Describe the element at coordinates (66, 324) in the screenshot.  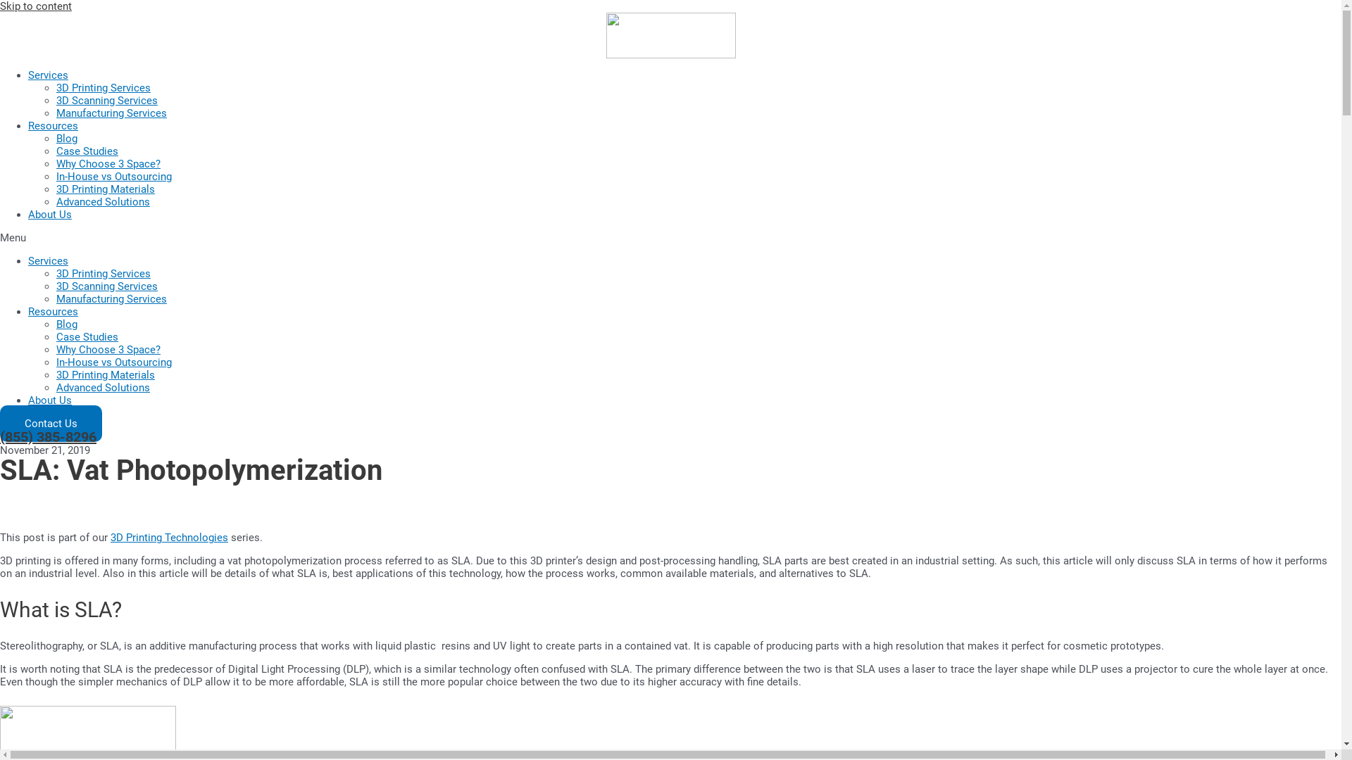
I see `'Blog'` at that location.